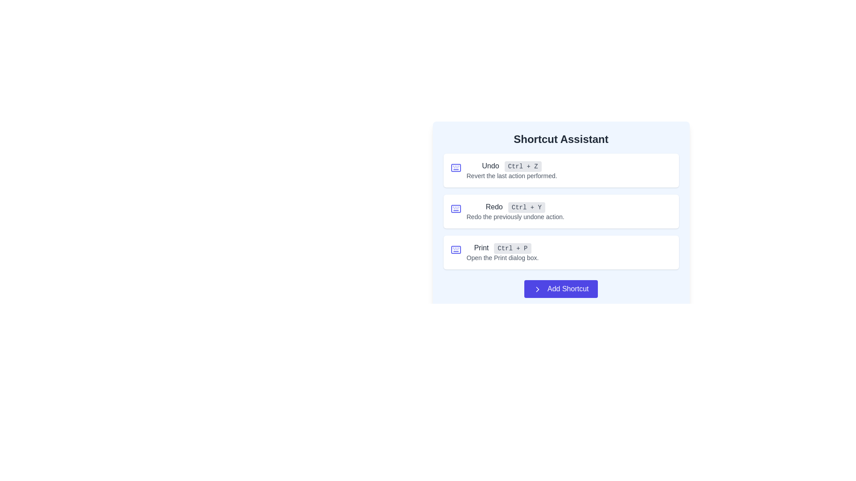 The height and width of the screenshot is (481, 856). What do you see at coordinates (456, 249) in the screenshot?
I see `the 'Print' icon located on the far left of the third shortcut block, aligned with the title 'Print Ctrl + P'` at bounding box center [456, 249].